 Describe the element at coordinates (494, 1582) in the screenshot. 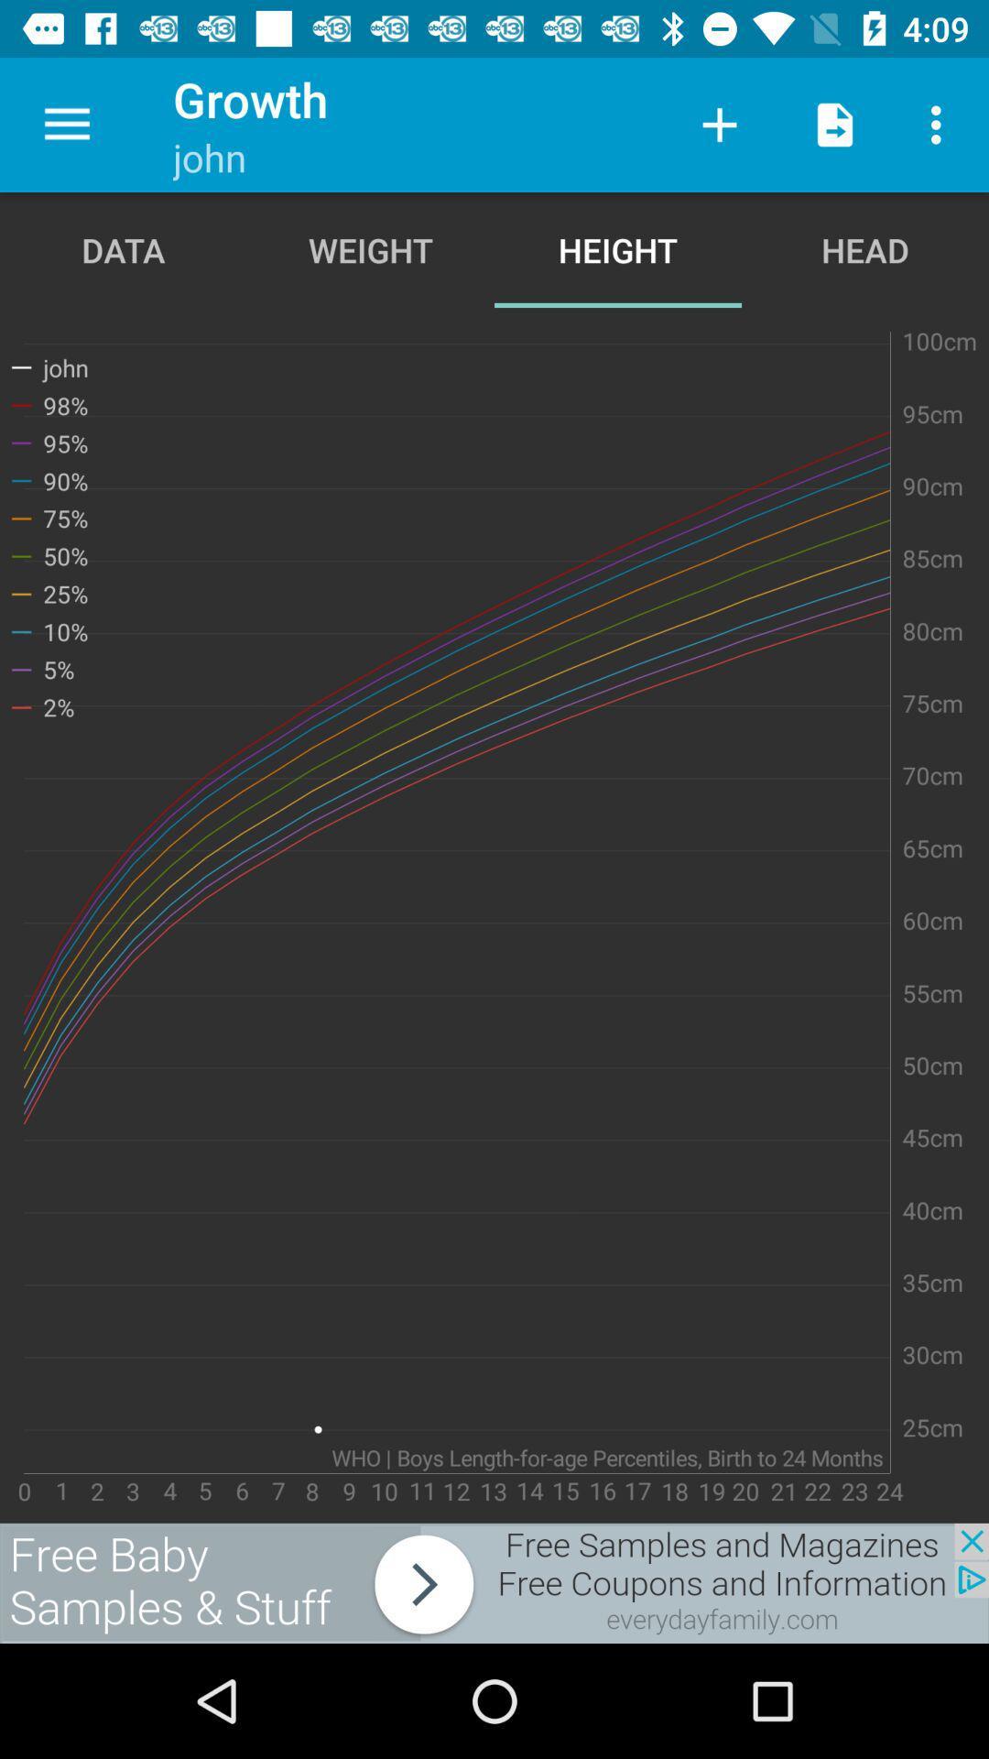

I see `open advertisement` at that location.